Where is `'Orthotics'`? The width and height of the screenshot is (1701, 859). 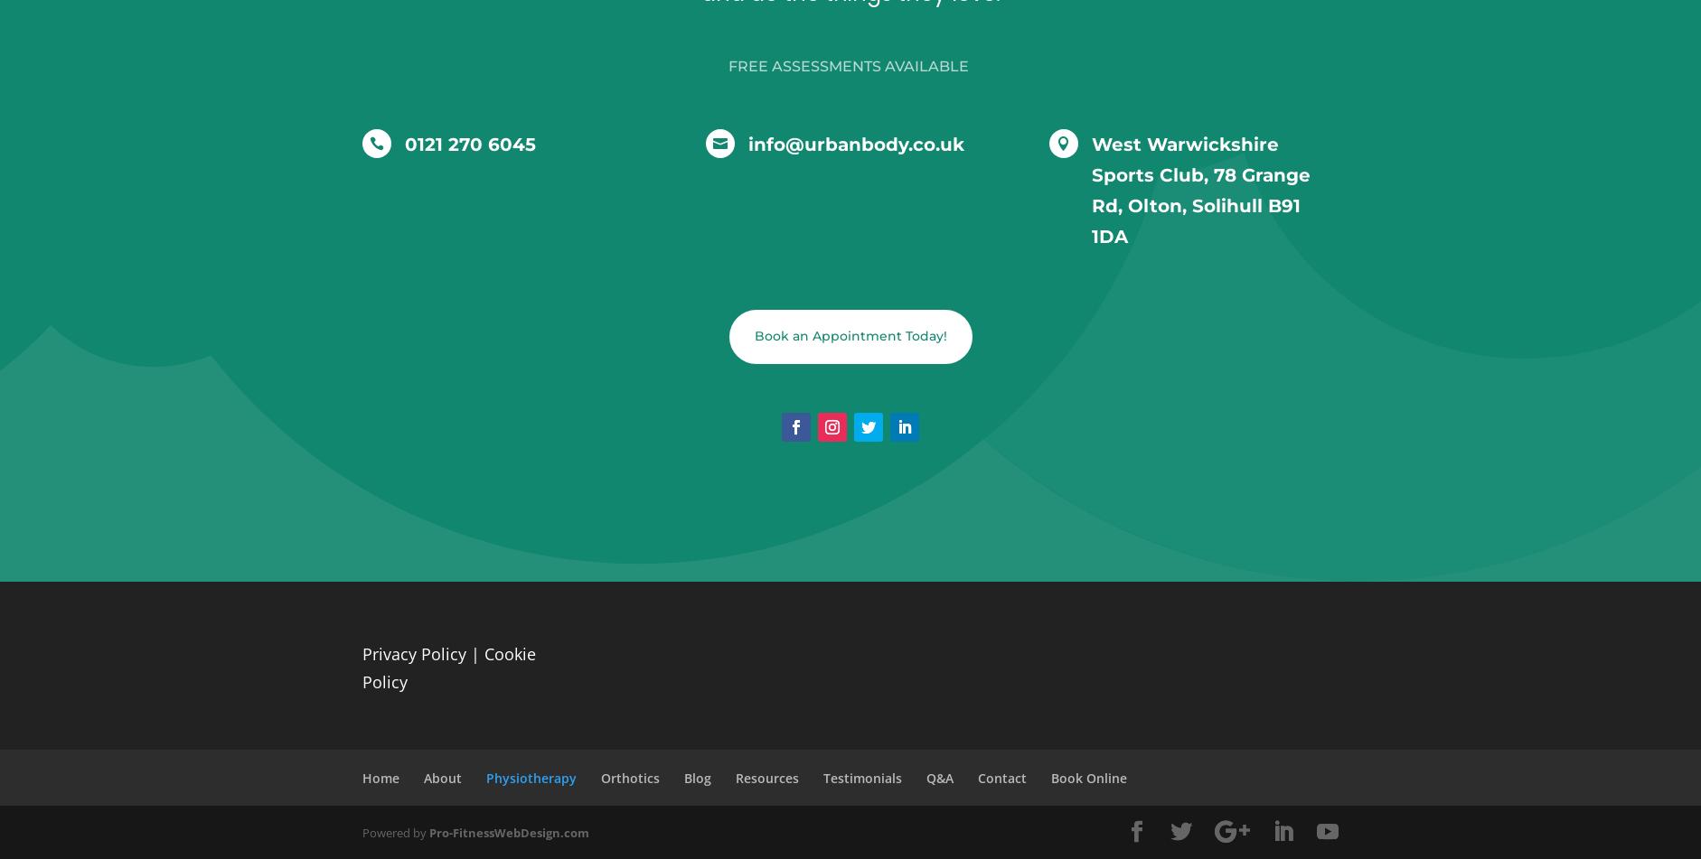 'Orthotics' is located at coordinates (599, 776).